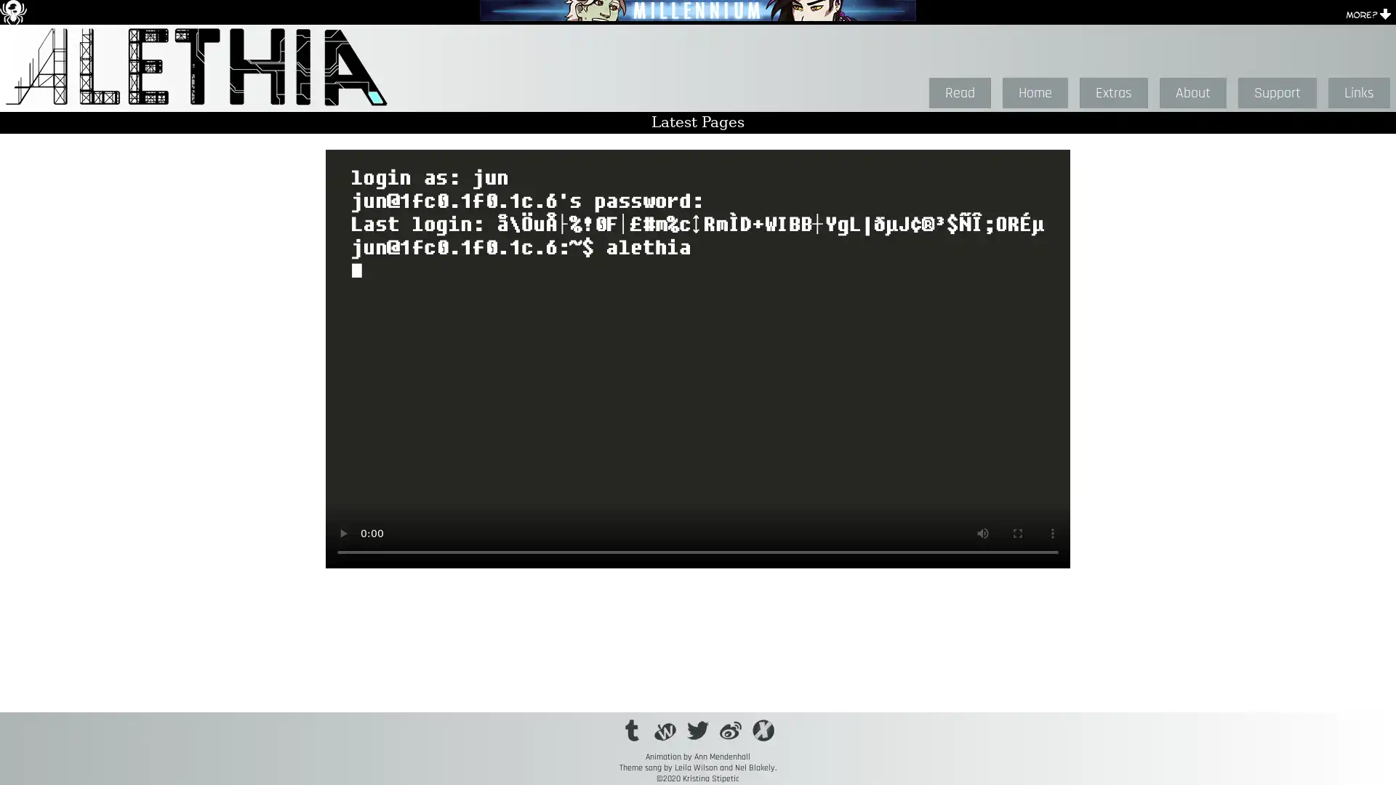 The width and height of the screenshot is (1396, 785). Describe the element at coordinates (1017, 533) in the screenshot. I see `enter full screen` at that location.